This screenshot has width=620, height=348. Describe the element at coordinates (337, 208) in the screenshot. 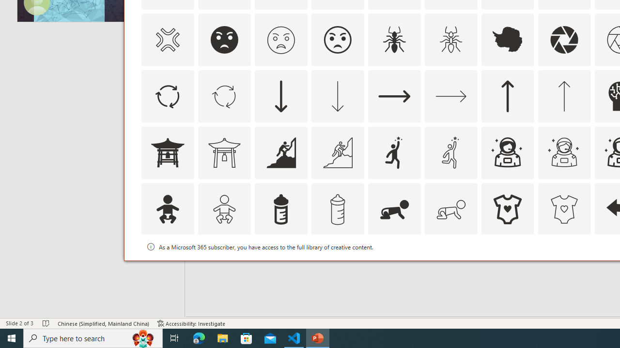

I see `'AutomationID: Icons_BabyBottle_M'` at that location.